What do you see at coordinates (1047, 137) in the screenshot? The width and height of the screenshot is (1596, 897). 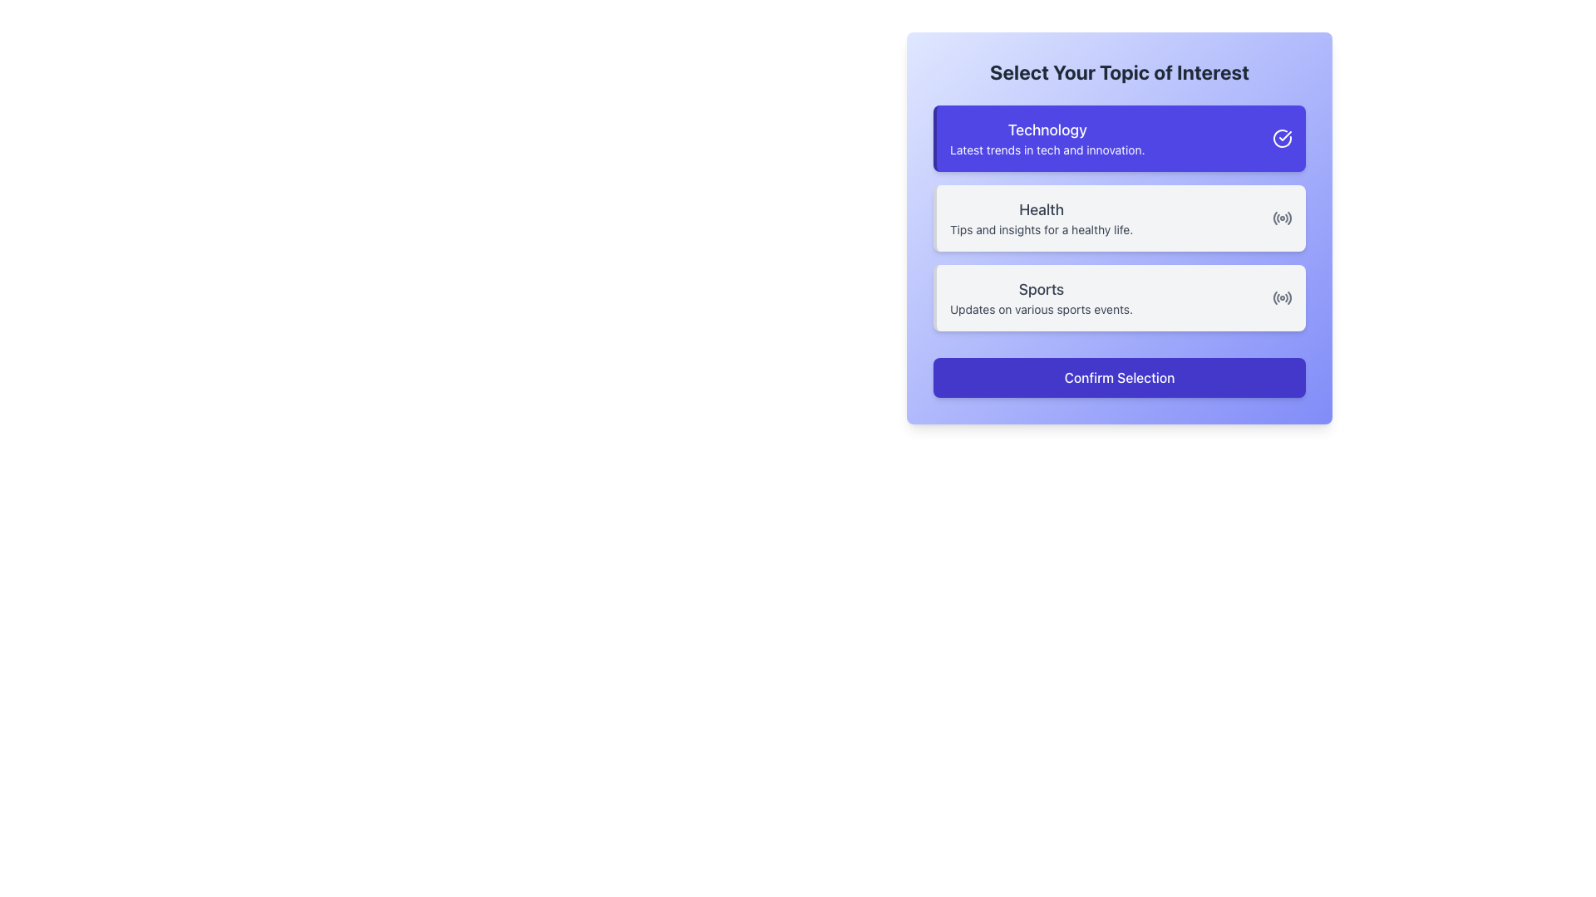 I see `the text content of the Text Block element displaying 'Technology' and 'Latest trends in tech and innovation.'` at bounding box center [1047, 137].